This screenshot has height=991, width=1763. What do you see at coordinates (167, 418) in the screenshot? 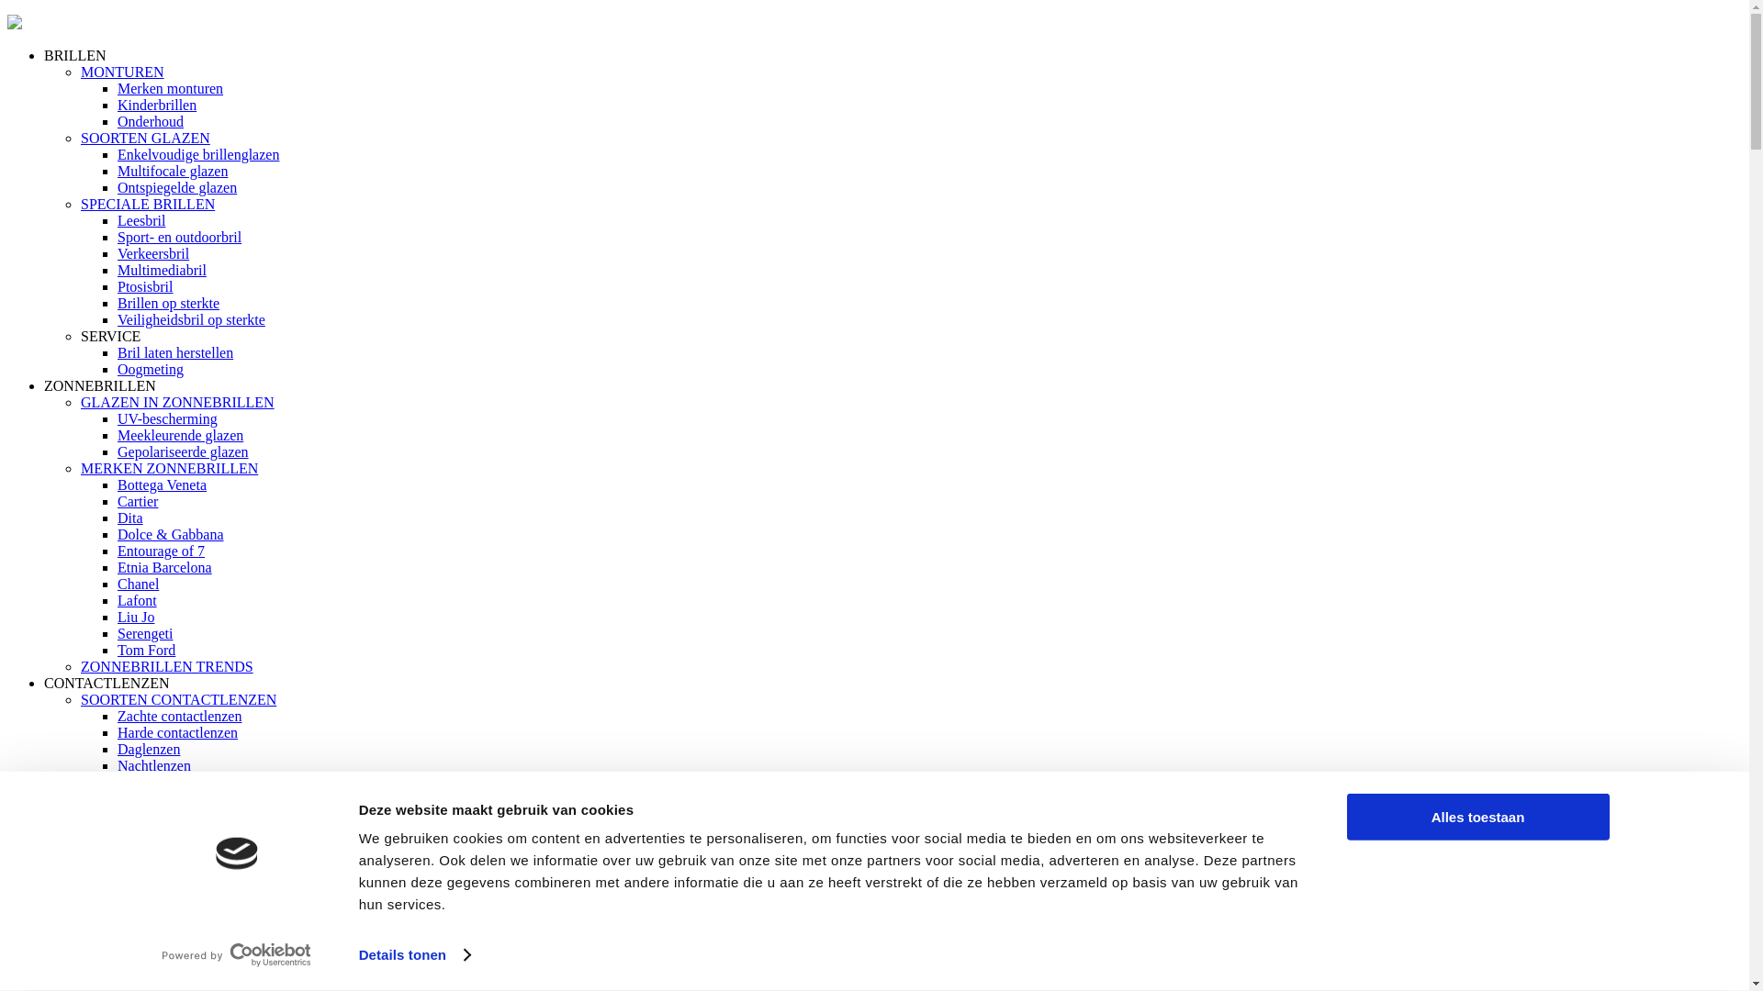
I see `'UV-bescherming'` at bounding box center [167, 418].